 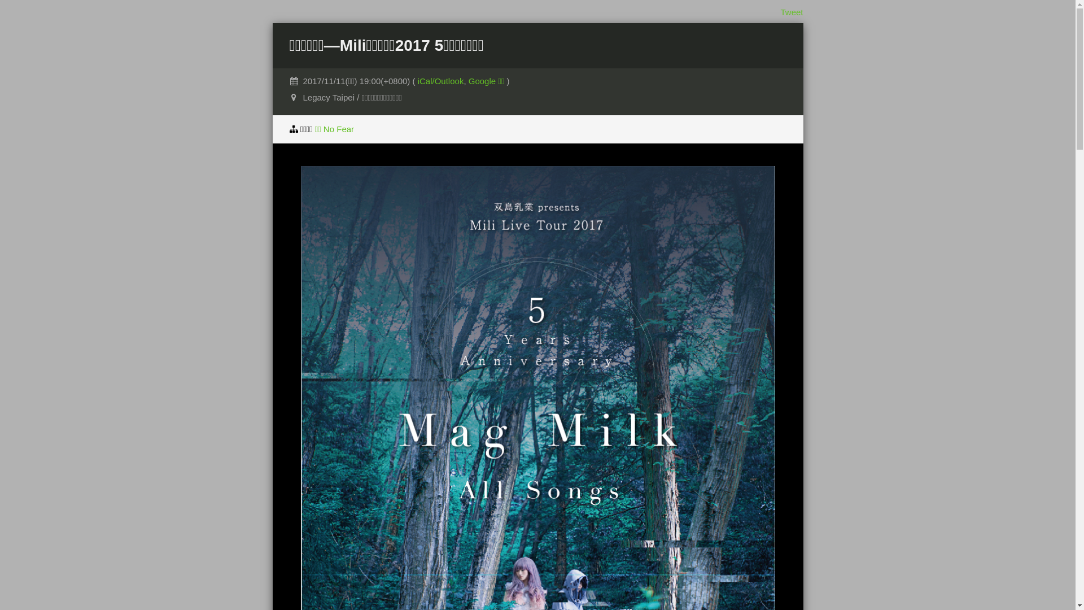 What do you see at coordinates (440, 80) in the screenshot?
I see `'iCal/Outlook'` at bounding box center [440, 80].